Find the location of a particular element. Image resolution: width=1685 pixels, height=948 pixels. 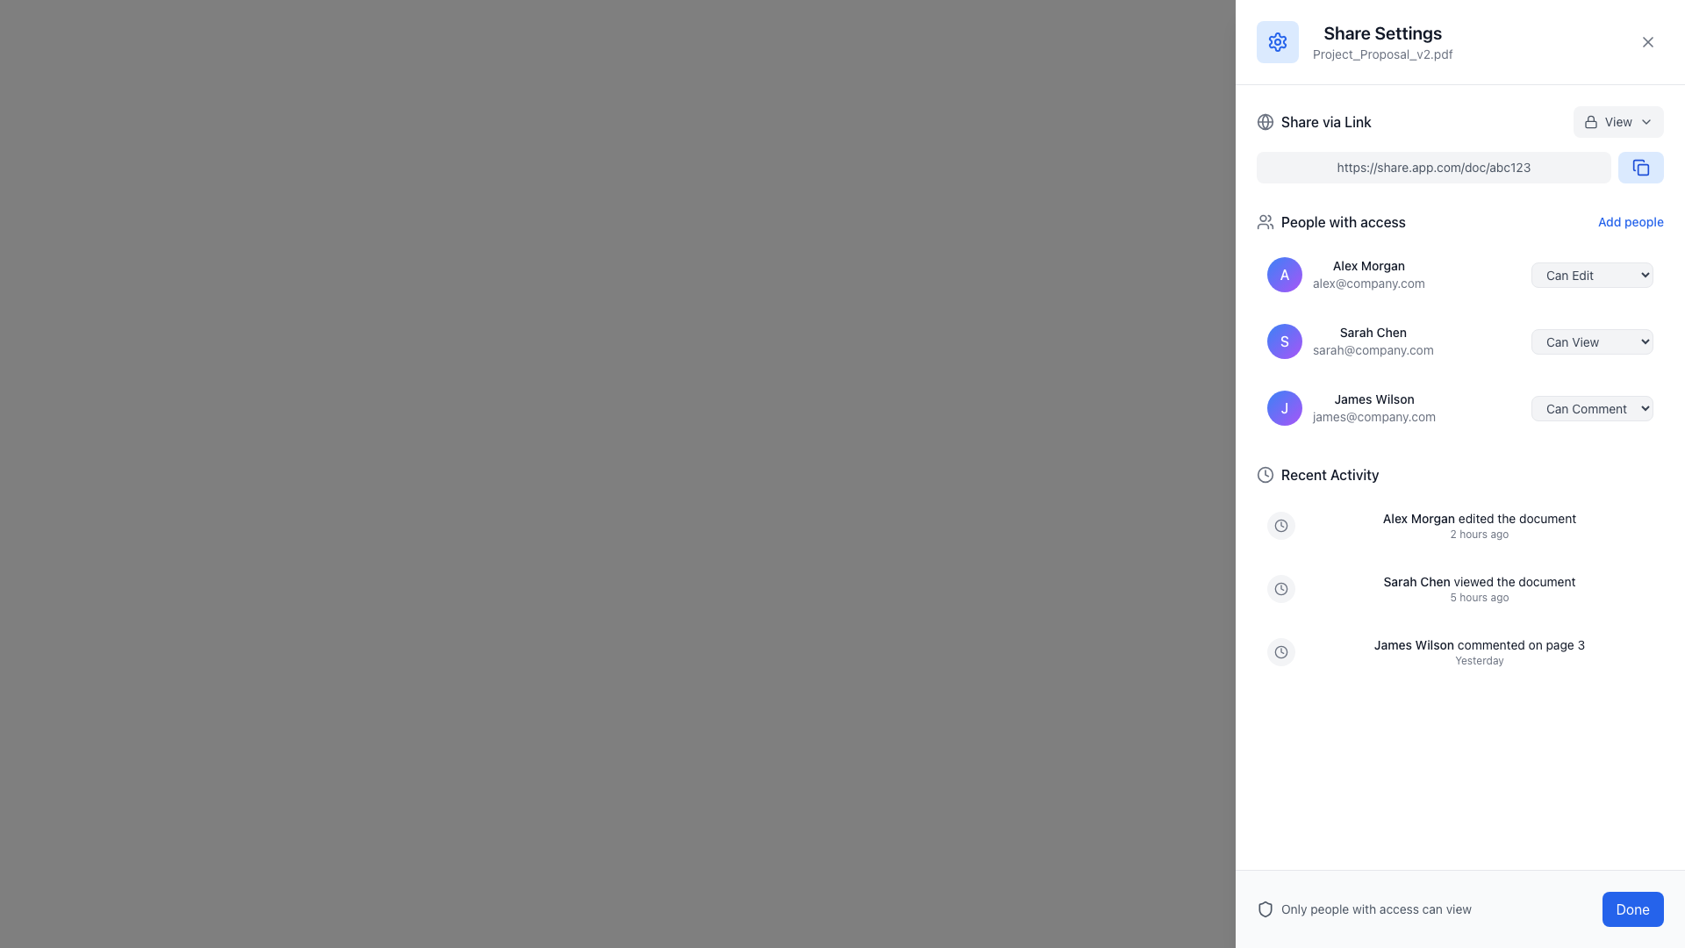

the Text Display element that shows a shareable link, located in the 'Share via Link' section, below the title and to the left of the copy icon is located at coordinates (1460, 168).